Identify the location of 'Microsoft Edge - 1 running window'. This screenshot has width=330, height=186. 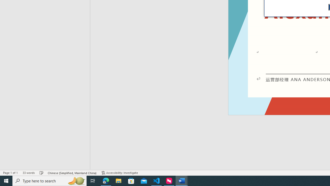
(106, 180).